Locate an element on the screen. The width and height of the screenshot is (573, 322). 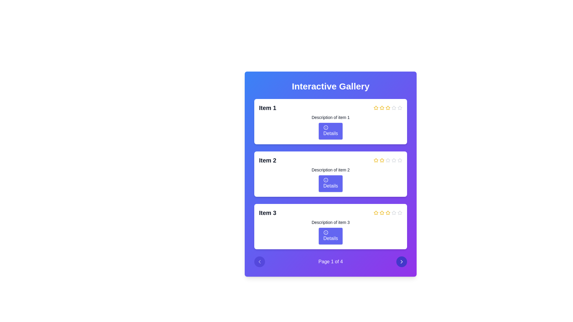
the third yellow star-shaped icon in the user rating feature for 'Item 1' is located at coordinates (382, 108).